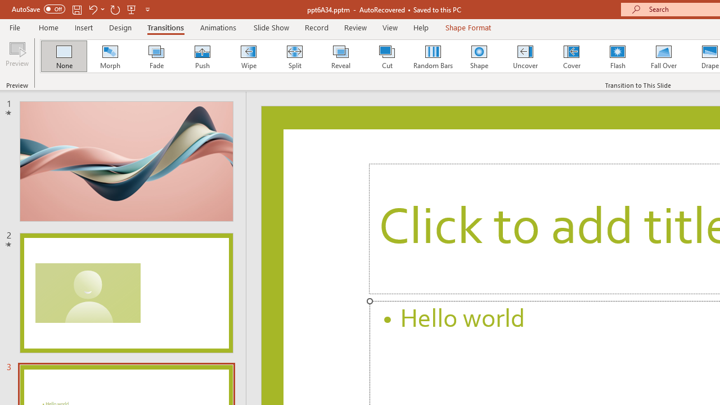 This screenshot has width=720, height=405. I want to click on 'None', so click(63, 56).